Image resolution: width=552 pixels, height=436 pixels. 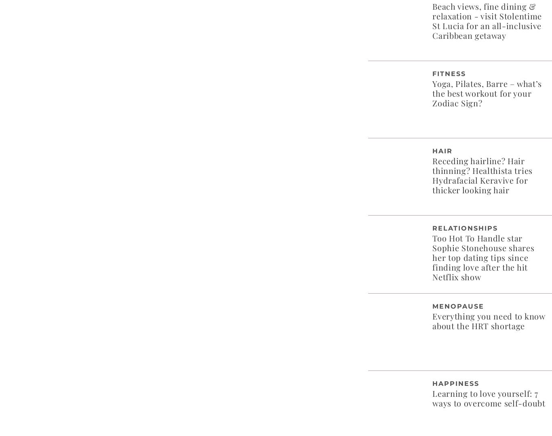 What do you see at coordinates (483, 256) in the screenshot?
I see `'Too Hot To Handle star Sophie Stonehouse shares her top dating tips since finding love after the hit Netflix show'` at bounding box center [483, 256].